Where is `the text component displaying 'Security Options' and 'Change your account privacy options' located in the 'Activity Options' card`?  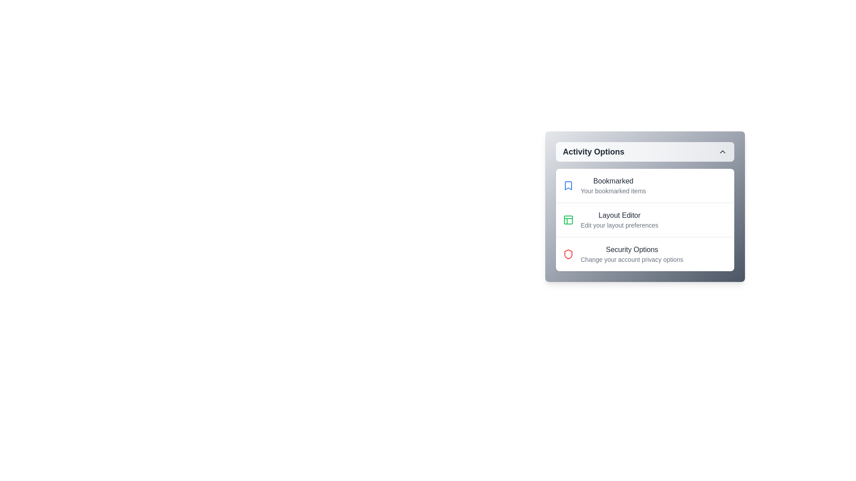
the text component displaying 'Security Options' and 'Change your account privacy options' located in the 'Activity Options' card is located at coordinates (631, 254).